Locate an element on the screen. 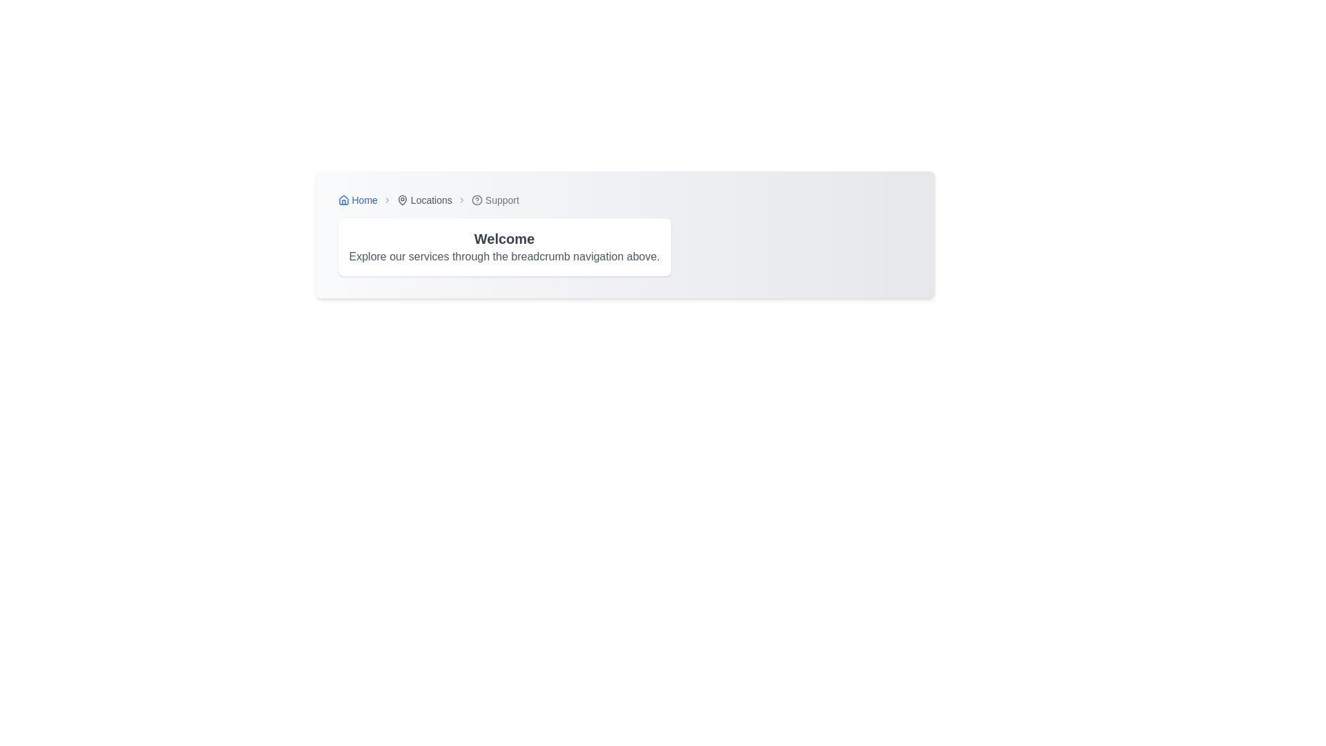 Image resolution: width=1326 pixels, height=746 pixels. the 'Locations' link in the breadcrumb navigation bar is located at coordinates (423, 200).